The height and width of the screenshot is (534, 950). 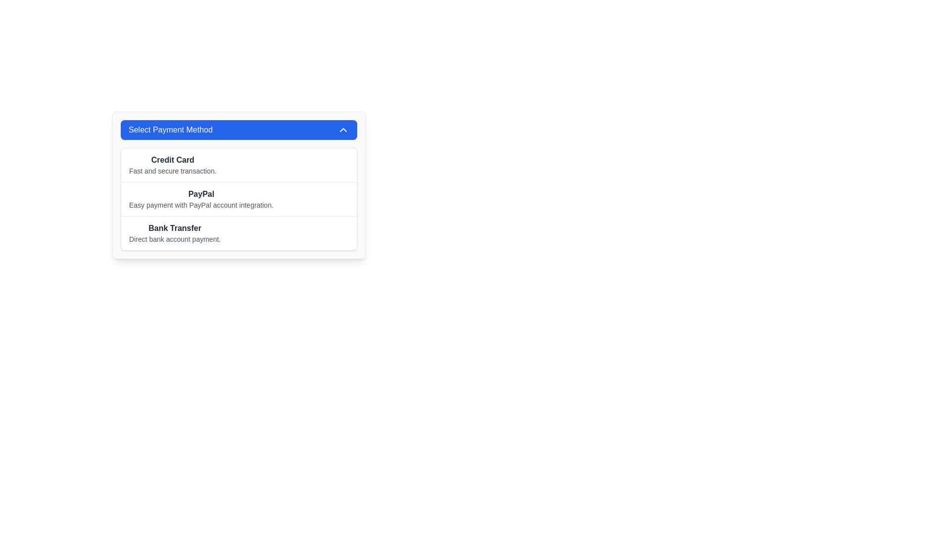 What do you see at coordinates (175, 228) in the screenshot?
I see `the label identifying the payment method in the dropdown menu titled 'Select Payment Method' located in the third row, above the description 'Direct bank account payment'` at bounding box center [175, 228].